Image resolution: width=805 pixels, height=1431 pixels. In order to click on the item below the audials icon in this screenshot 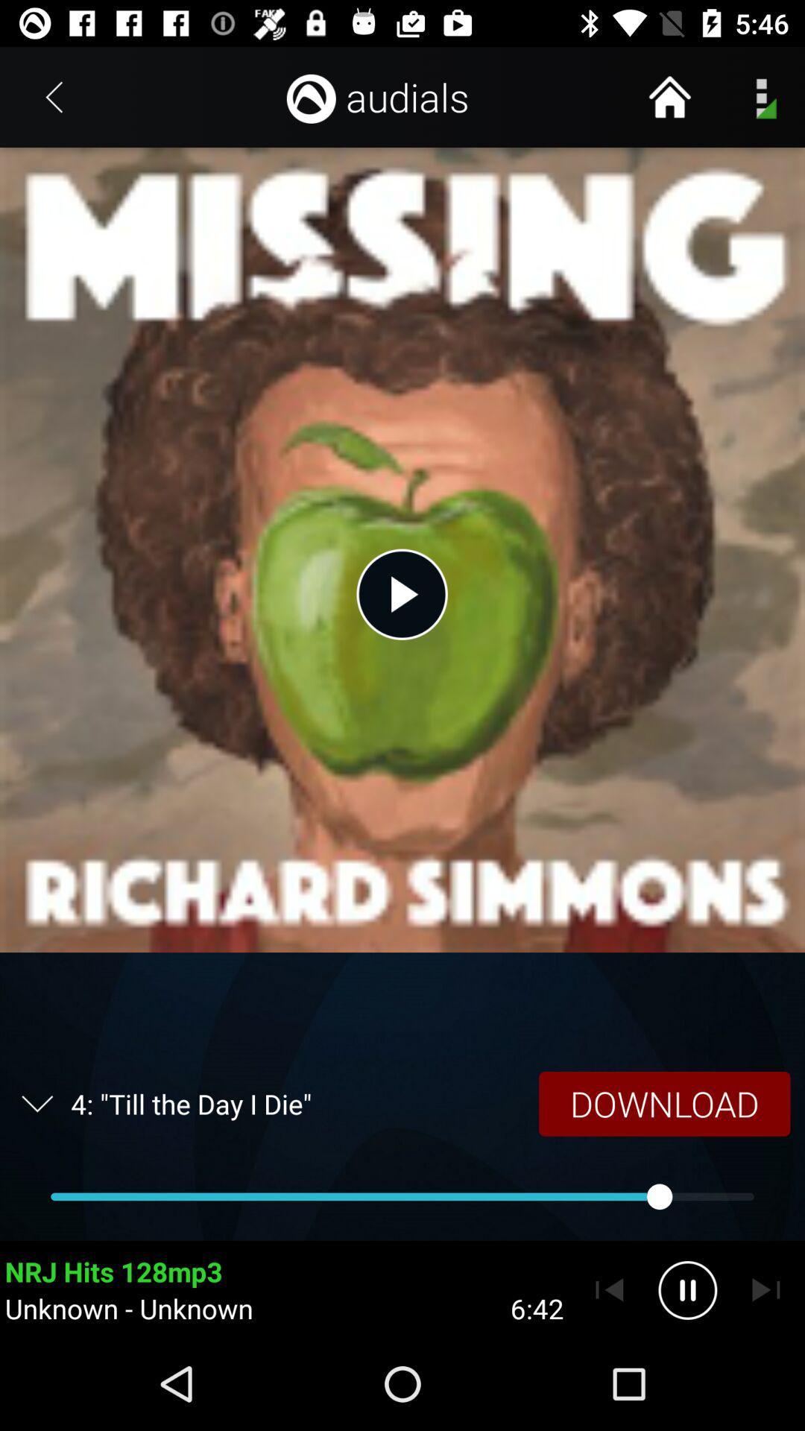, I will do `click(401, 593)`.